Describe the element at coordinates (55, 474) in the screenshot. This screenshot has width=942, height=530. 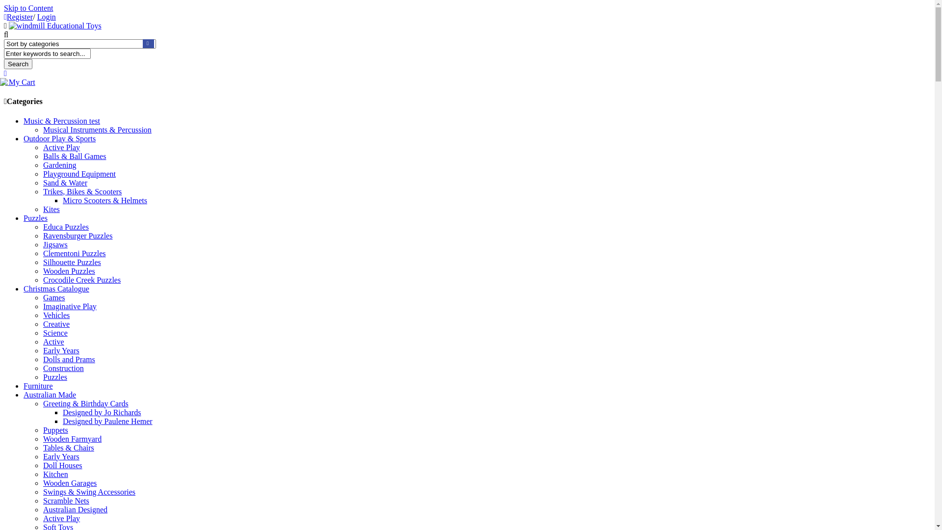
I see `'Kitchen'` at that location.